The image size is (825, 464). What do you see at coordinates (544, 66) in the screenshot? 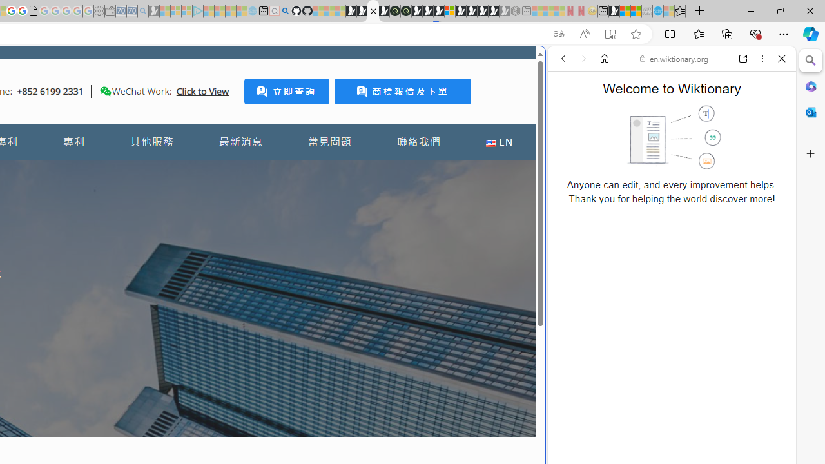
I see `'Close split screen'` at bounding box center [544, 66].